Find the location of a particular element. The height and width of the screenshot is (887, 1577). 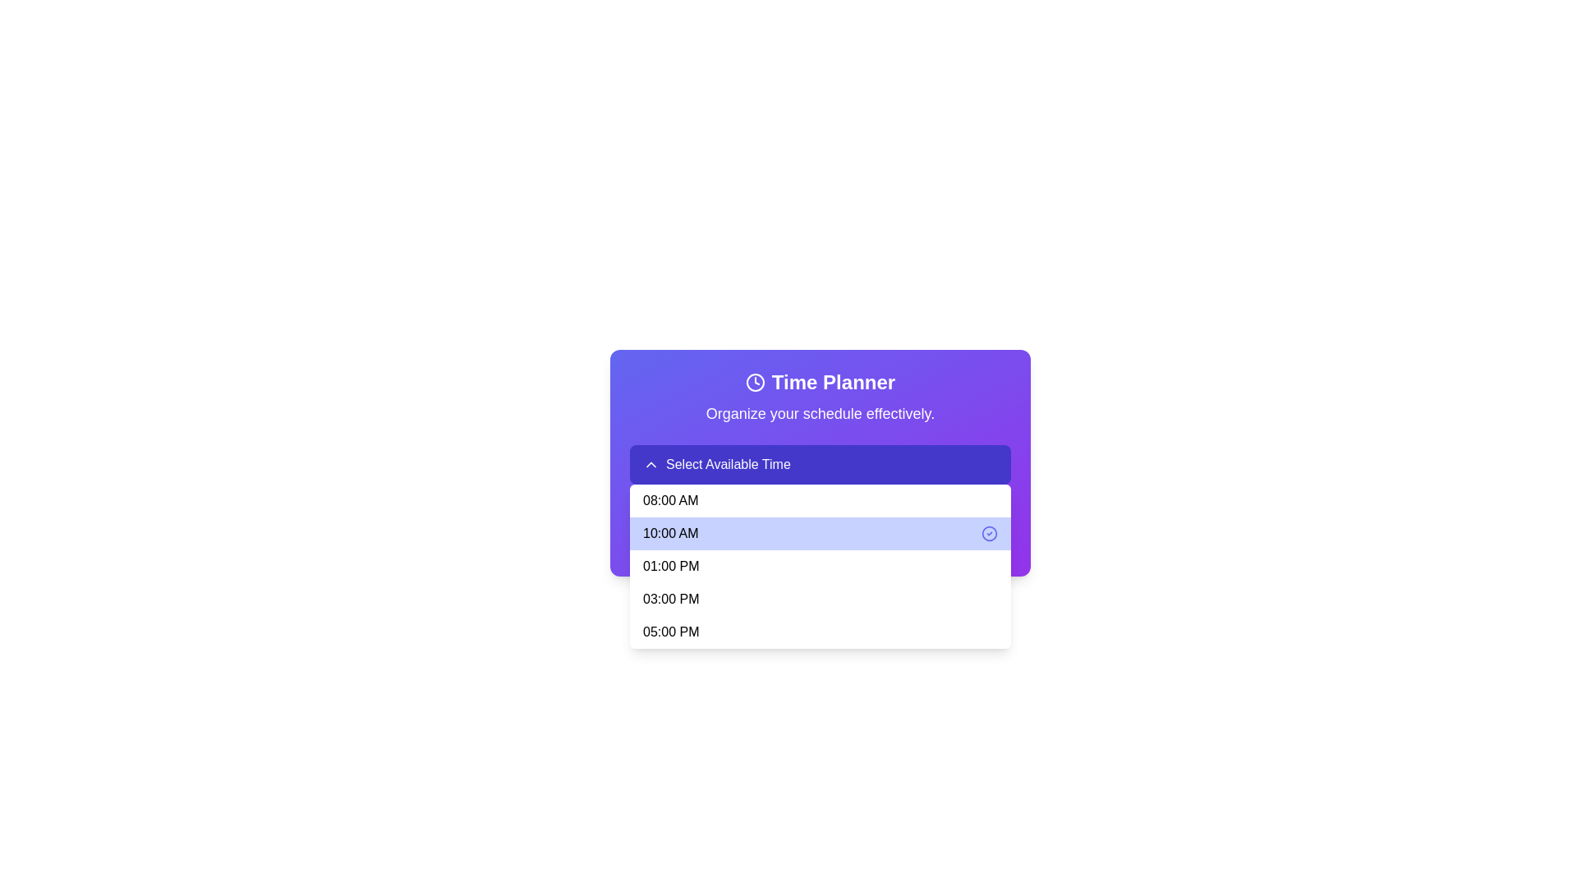

the fourth item is located at coordinates (820, 599).